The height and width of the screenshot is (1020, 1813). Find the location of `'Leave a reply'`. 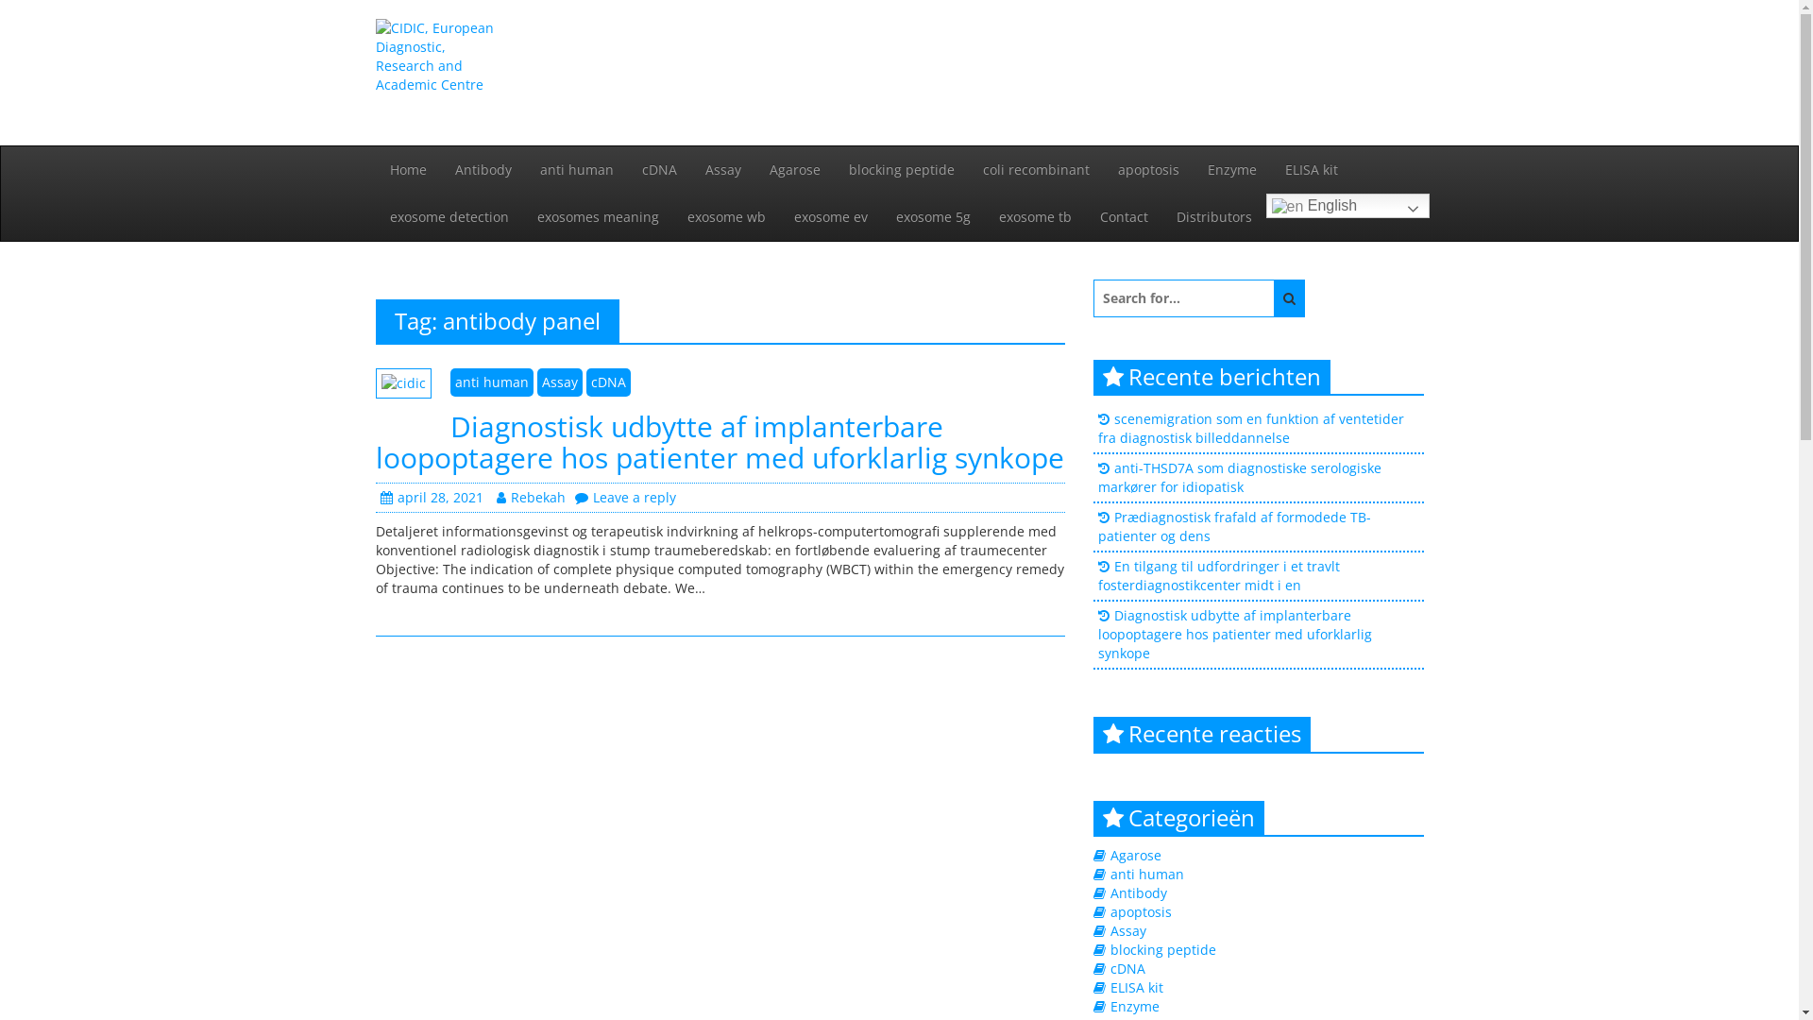

'Leave a reply' is located at coordinates (573, 496).